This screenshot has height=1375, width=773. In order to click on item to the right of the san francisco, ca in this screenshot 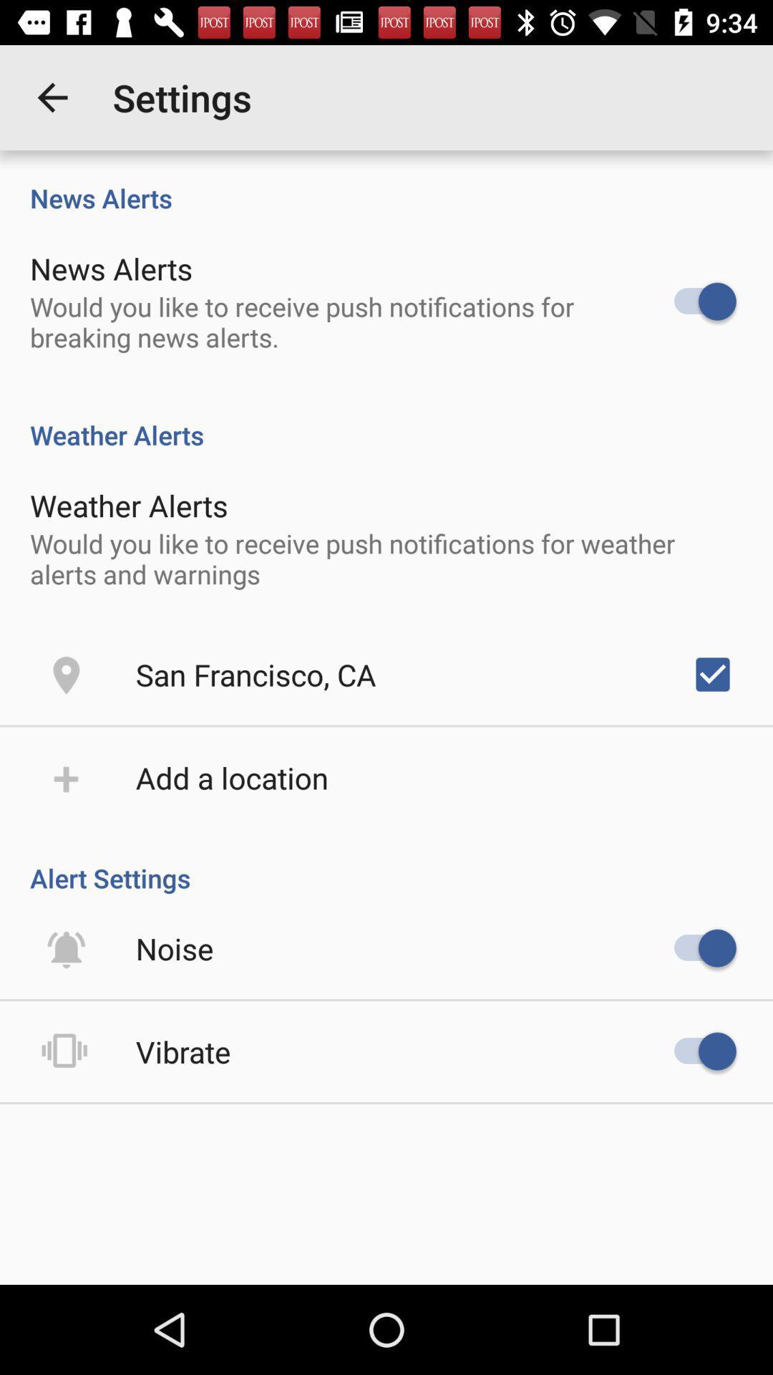, I will do `click(712, 673)`.